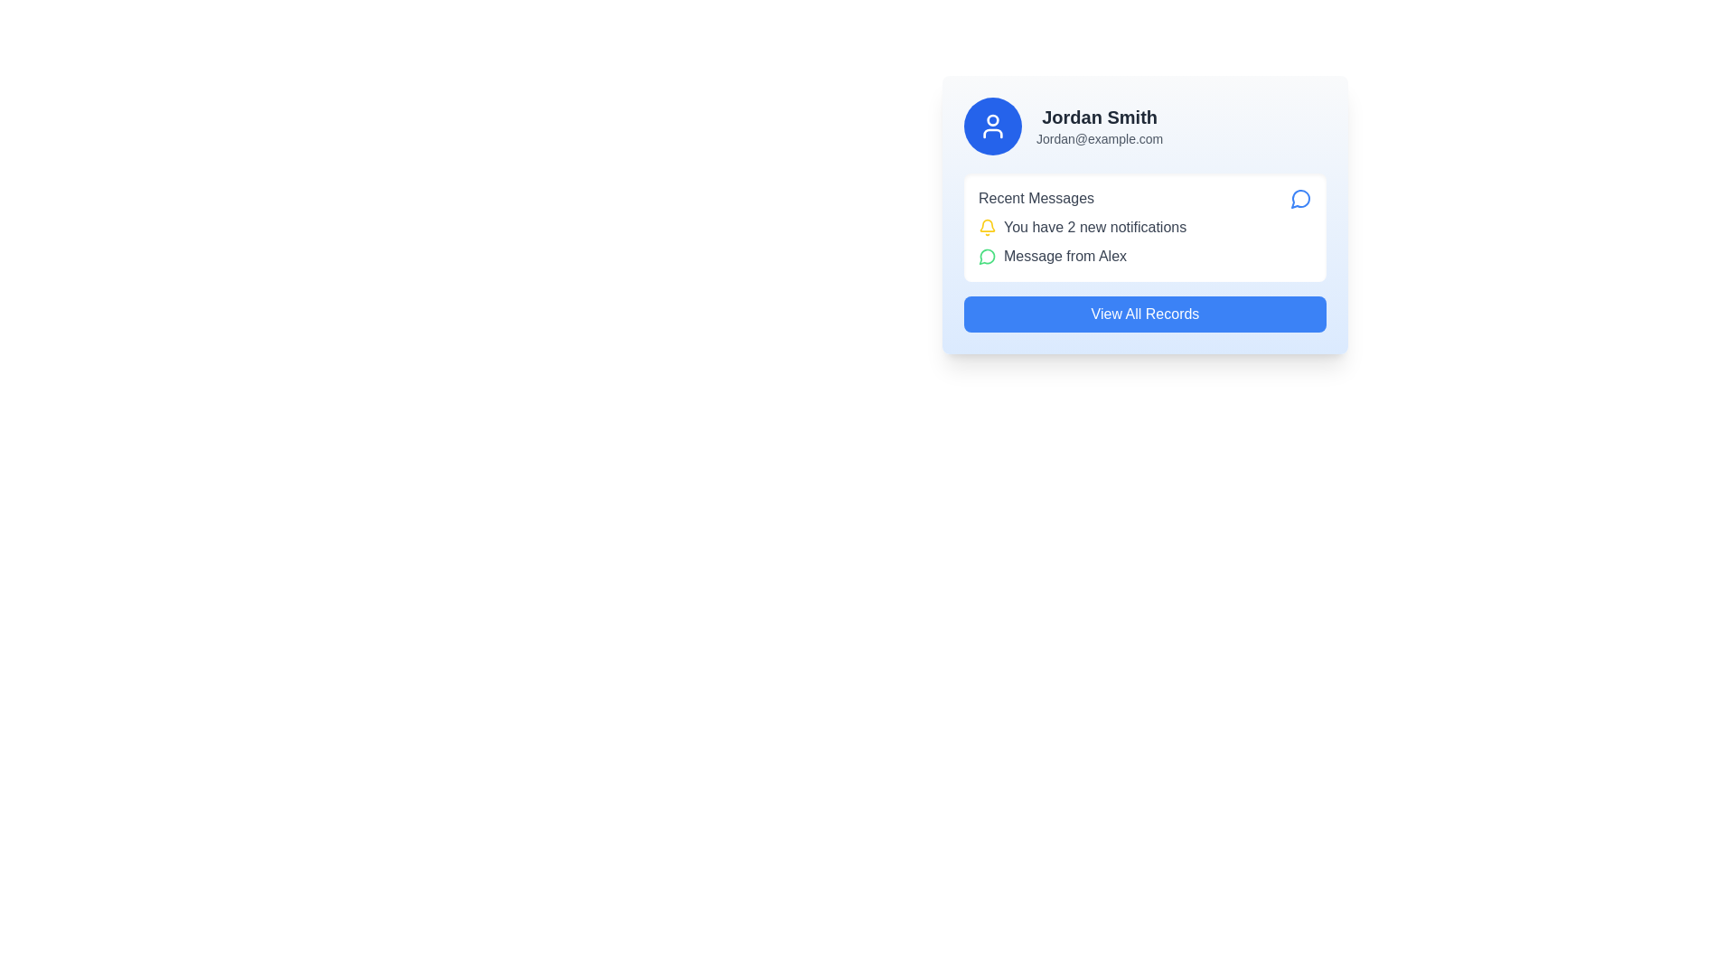  I want to click on the Text Label displaying 'Jordan@example.com', which is positioned directly below 'Jordan Smith' and slightly indented to the right, so click(1099, 138).